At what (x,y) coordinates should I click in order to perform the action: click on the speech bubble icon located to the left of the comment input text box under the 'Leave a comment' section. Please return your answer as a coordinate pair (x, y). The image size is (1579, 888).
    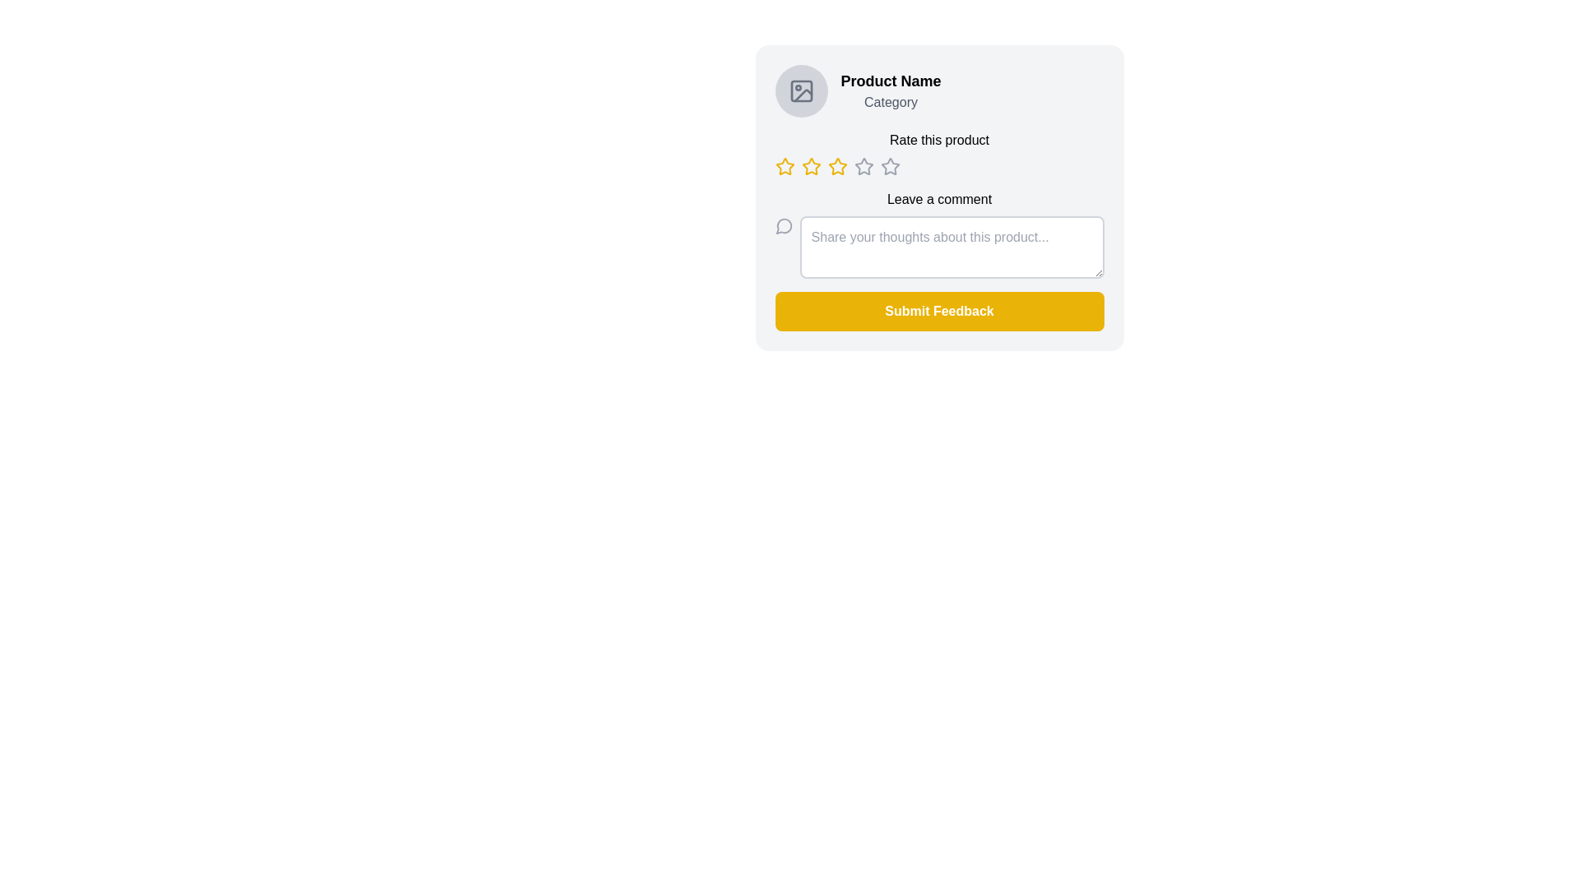
    Looking at the image, I should click on (783, 225).